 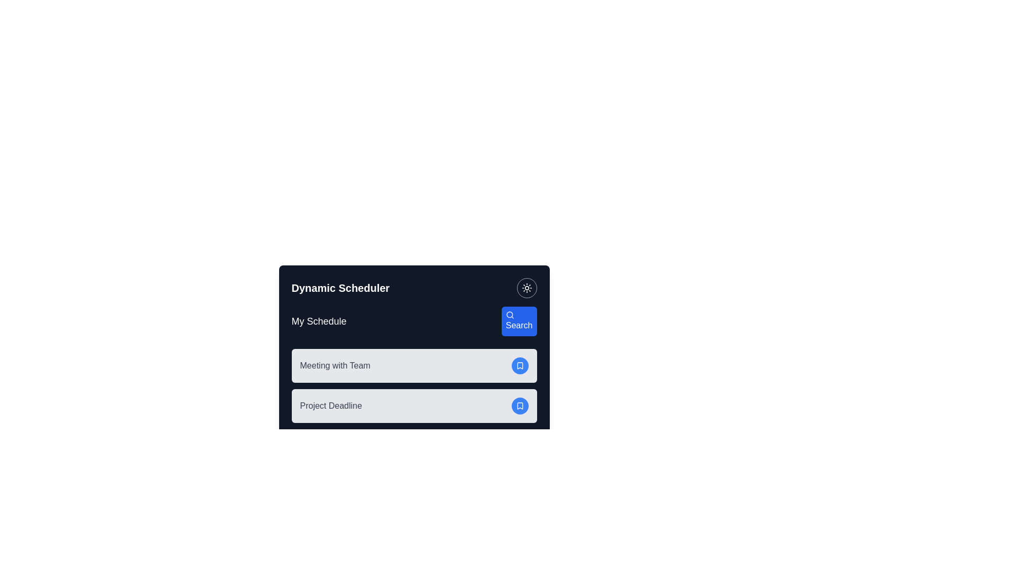 What do you see at coordinates (527, 288) in the screenshot?
I see `the icon in the top-right corner of the 'Dynamic Scheduler' interface` at bounding box center [527, 288].